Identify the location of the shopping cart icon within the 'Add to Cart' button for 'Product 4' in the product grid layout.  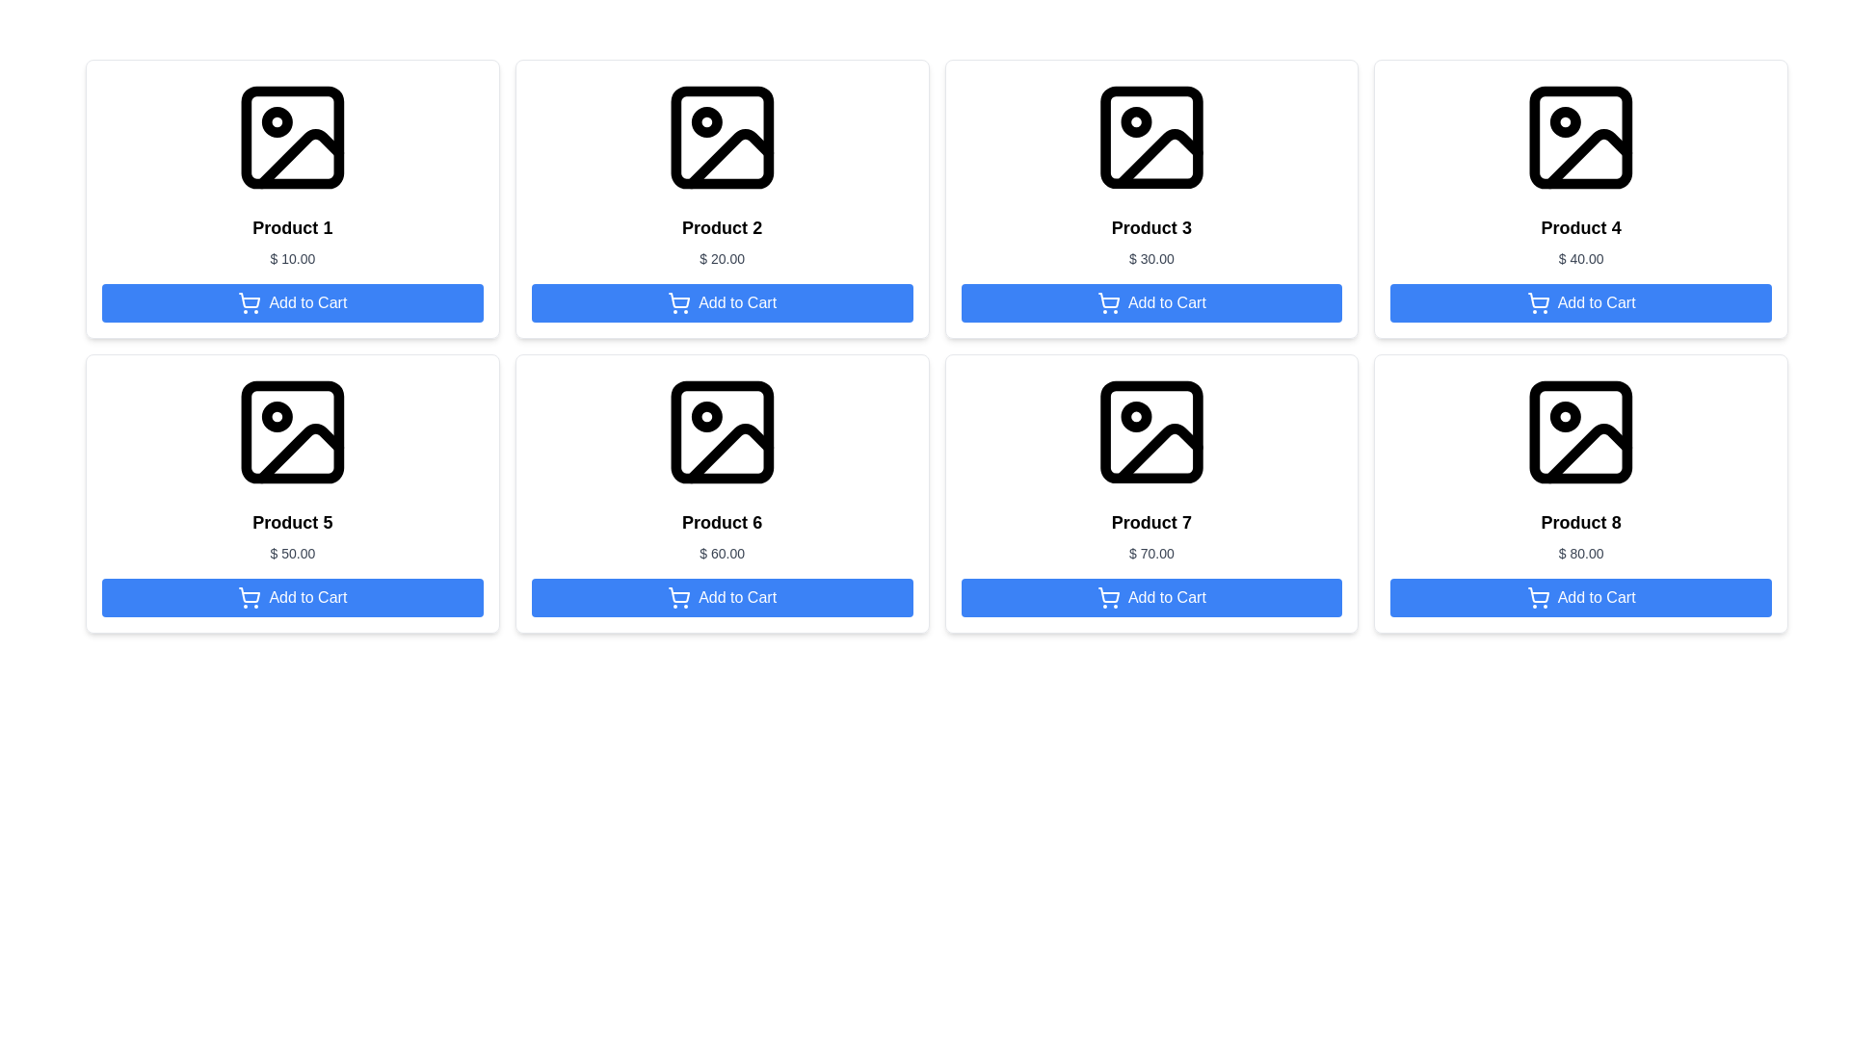
(1537, 300).